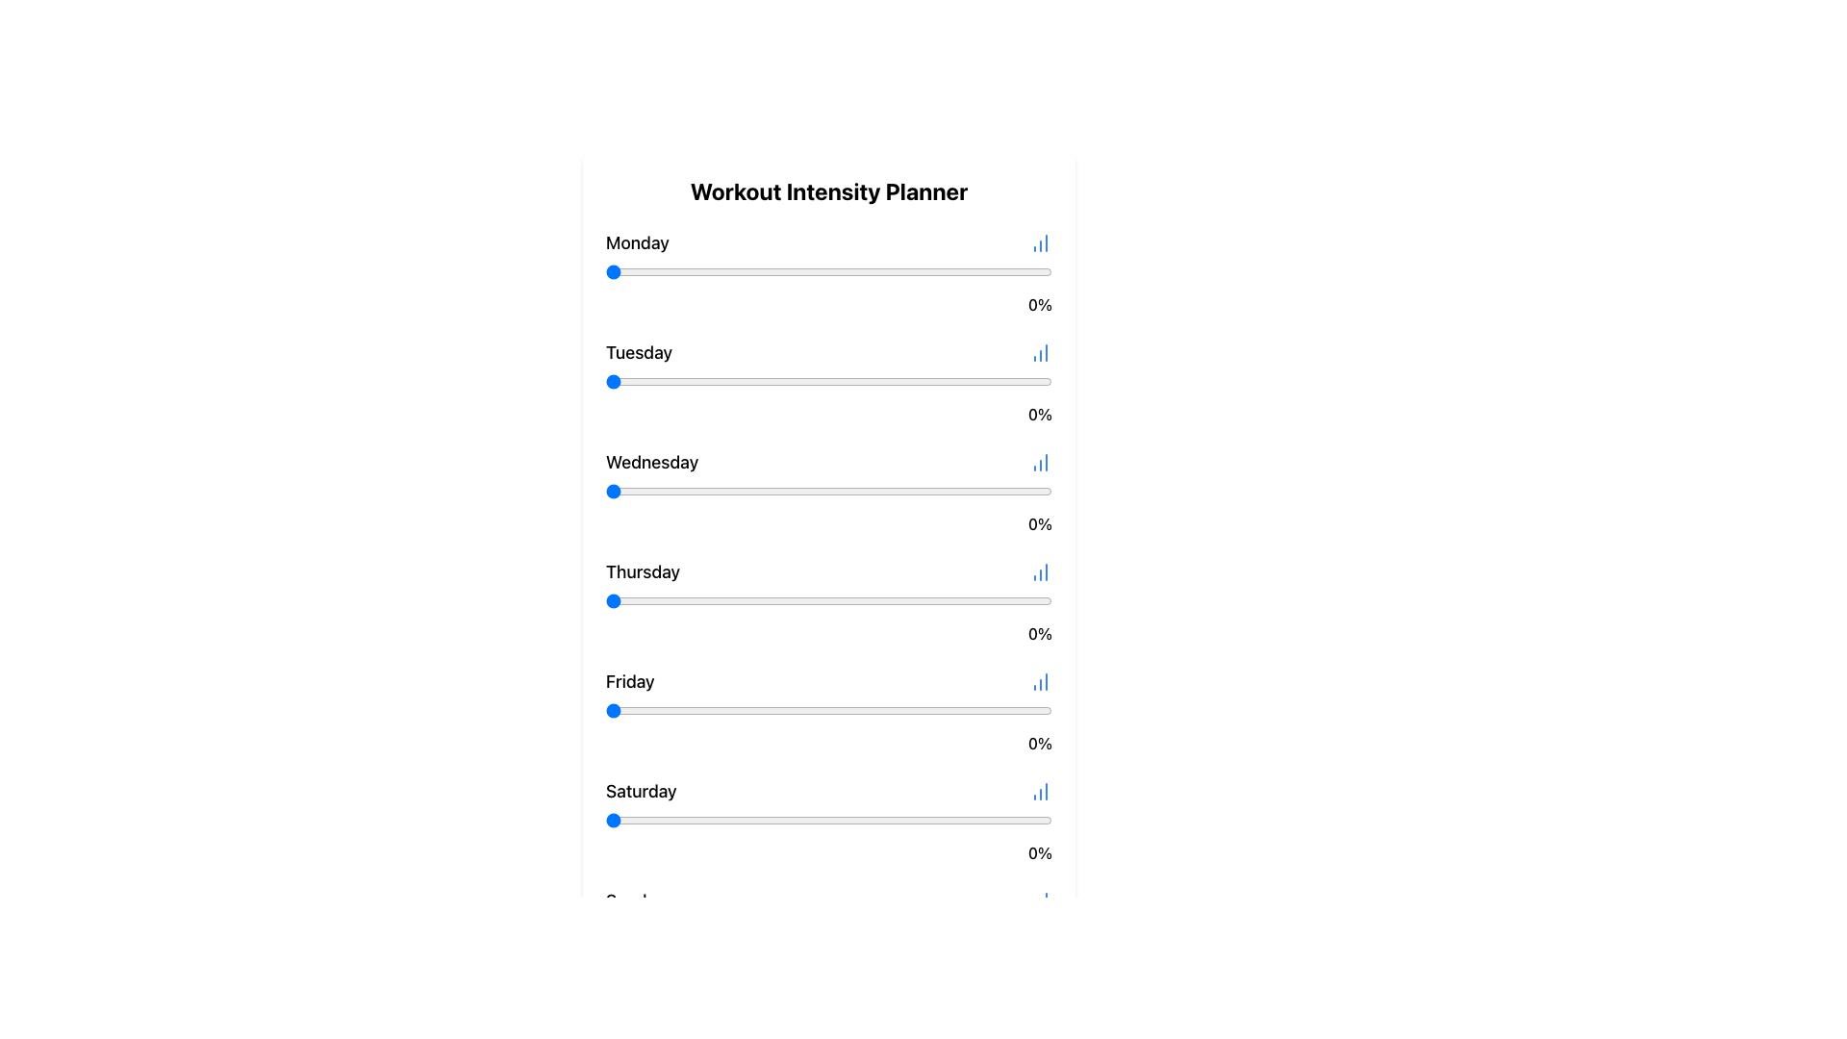 The height and width of the screenshot is (1039, 1847). I want to click on the intensity for Tuesday, so click(816, 382).